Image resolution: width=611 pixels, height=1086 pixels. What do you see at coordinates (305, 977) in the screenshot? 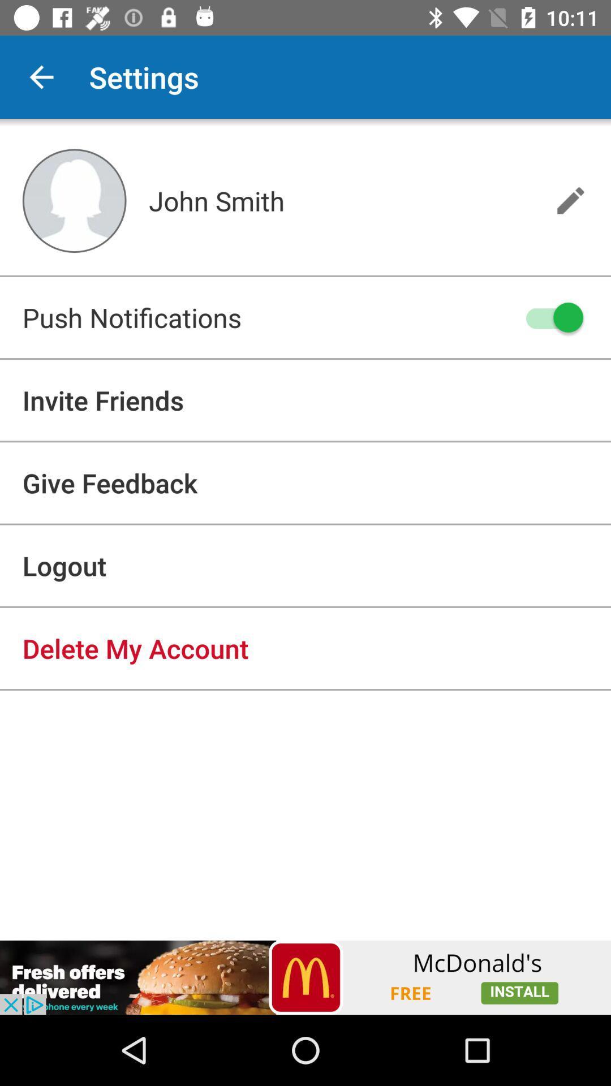
I see `click on advertisement` at bounding box center [305, 977].